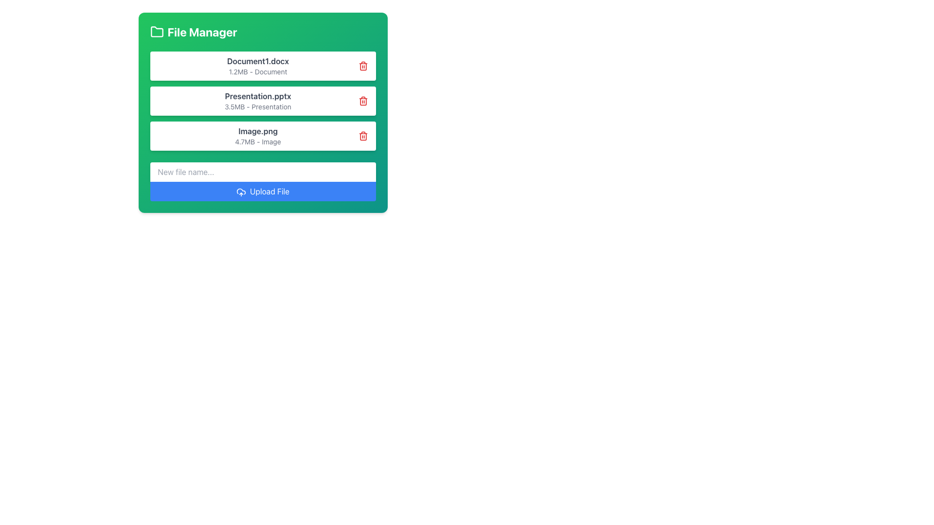 Image resolution: width=934 pixels, height=525 pixels. Describe the element at coordinates (263, 101) in the screenshot. I see `the file entry representation titled 'Presentation.pptx' with a subtitle '3.5MB - Presentation'` at that location.